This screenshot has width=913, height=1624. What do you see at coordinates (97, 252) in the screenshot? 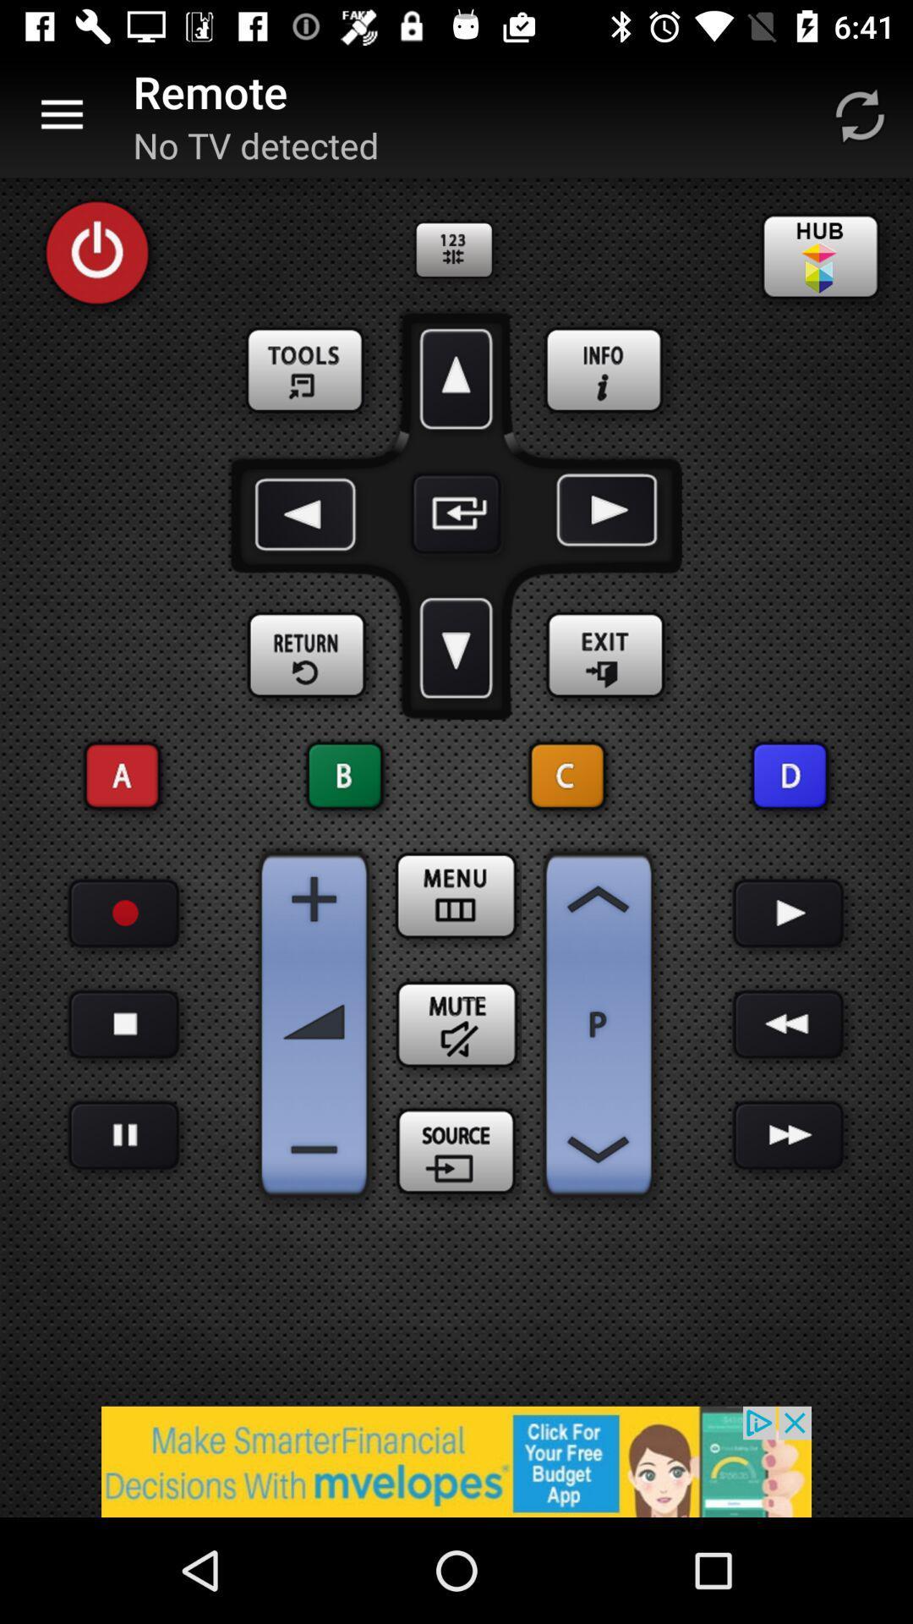
I see `the power icon` at bounding box center [97, 252].